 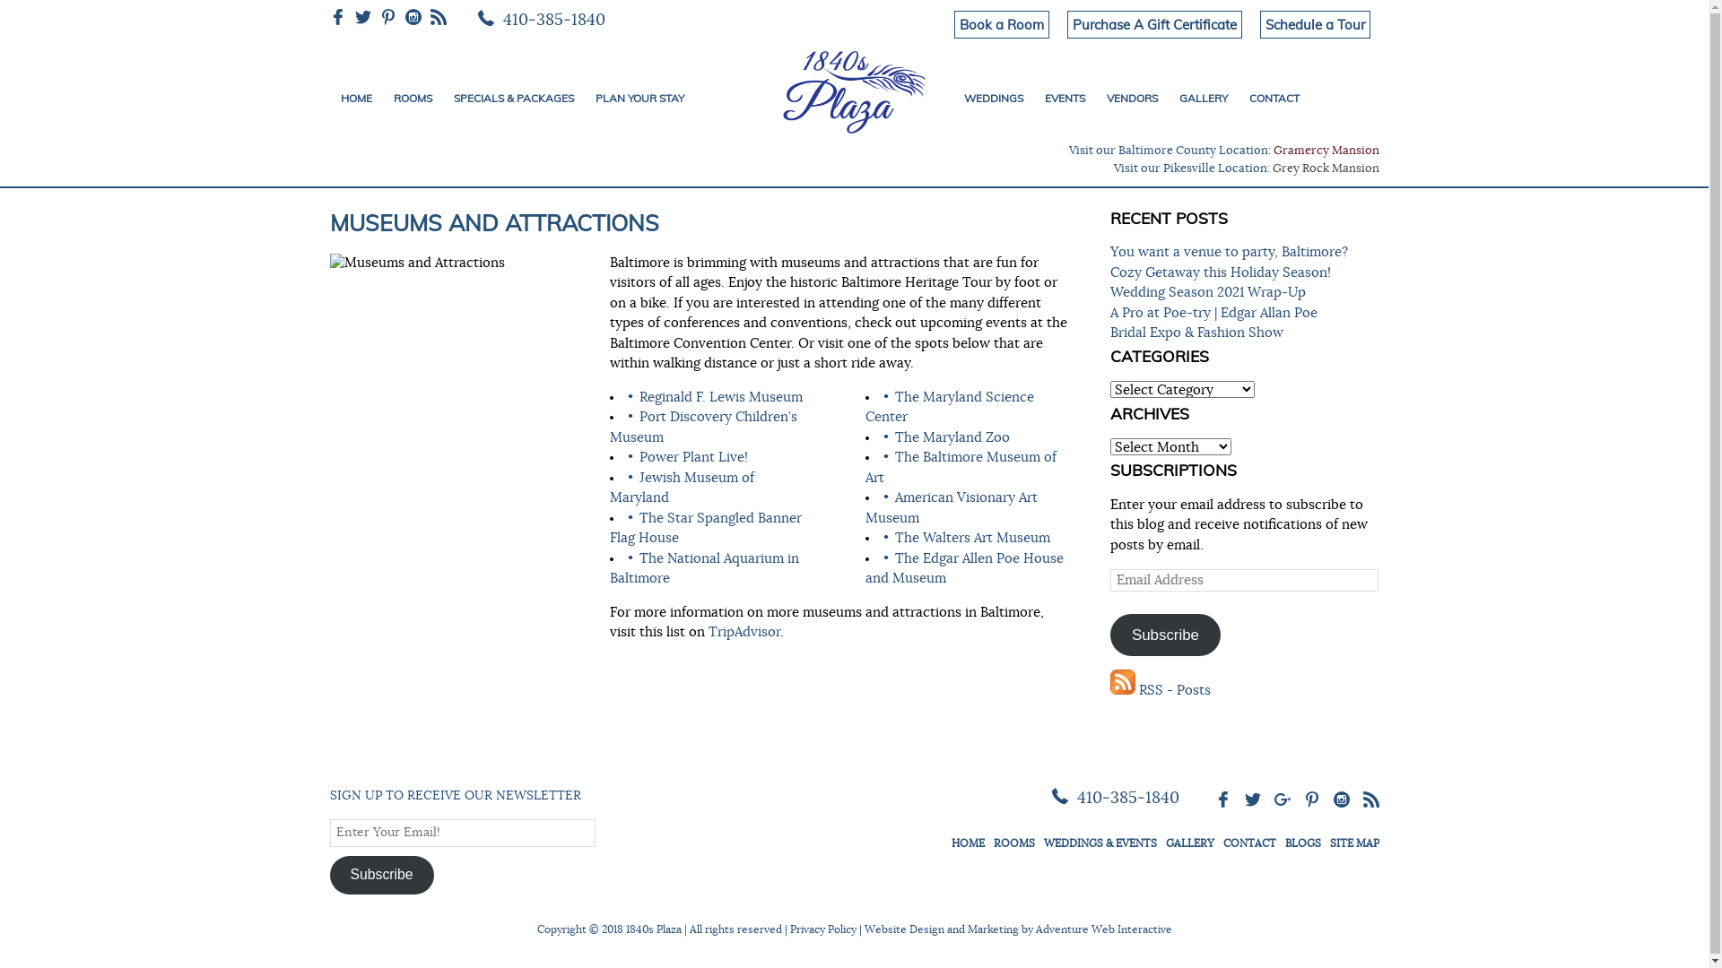 I want to click on 'Purchase A Gift Certificate', so click(x=1154, y=24).